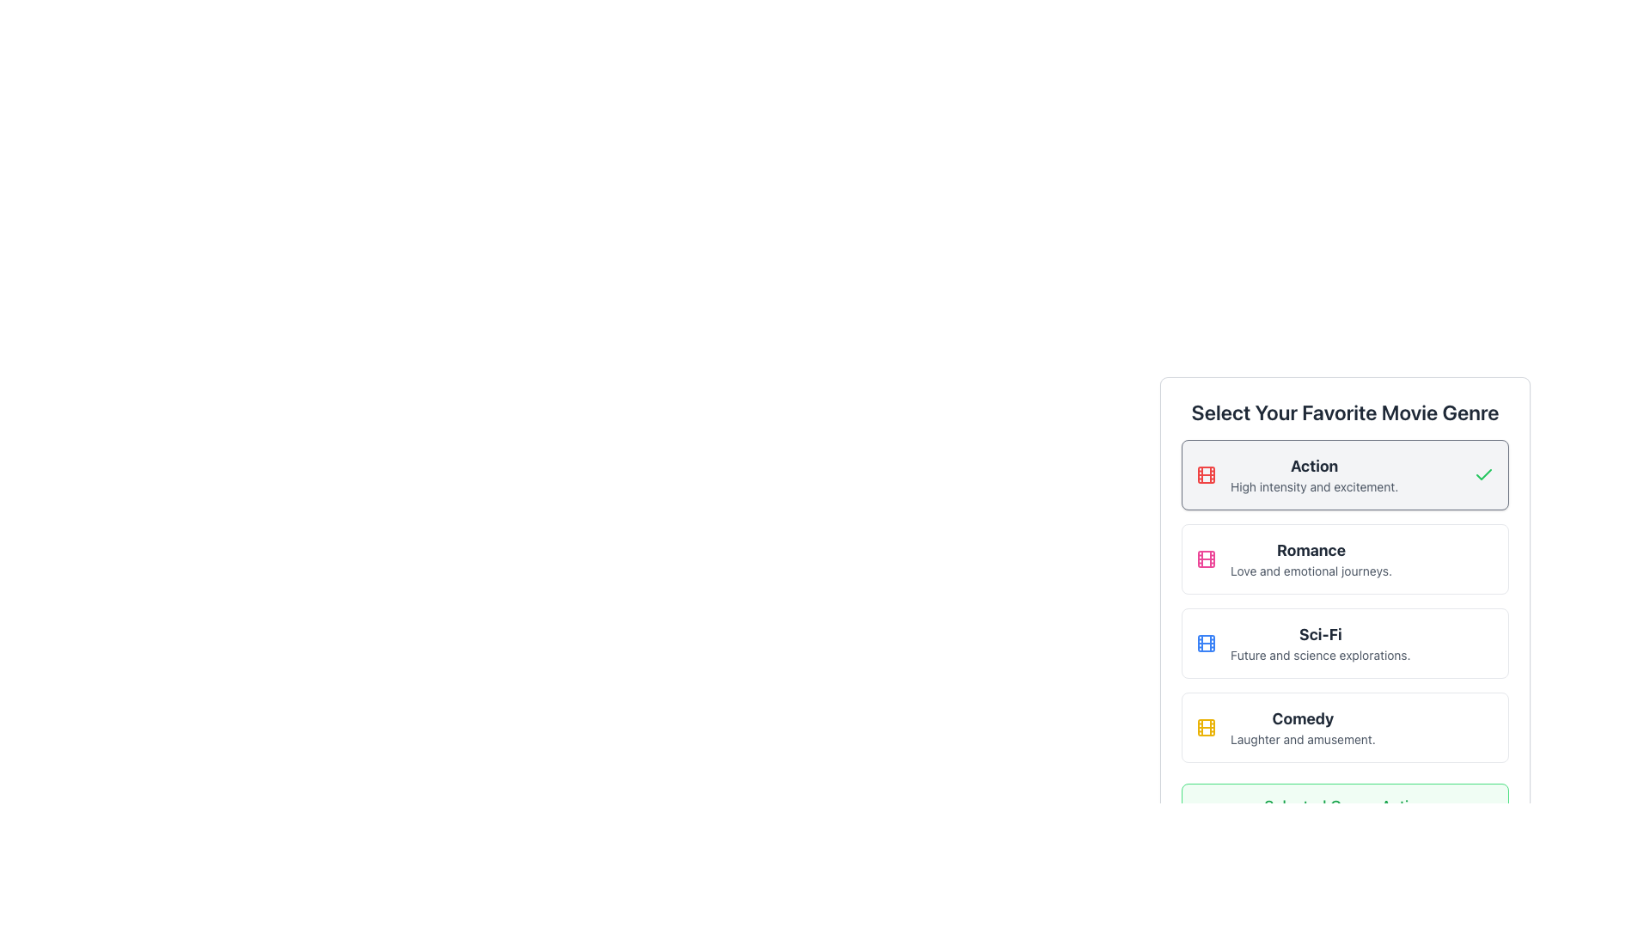 This screenshot has width=1650, height=928. Describe the element at coordinates (1319, 635) in the screenshot. I see `the 'Sci-Fi' genre text label, which is the third item in a vertical list of movie genres, located between 'Romance' and 'Comedy'` at that location.